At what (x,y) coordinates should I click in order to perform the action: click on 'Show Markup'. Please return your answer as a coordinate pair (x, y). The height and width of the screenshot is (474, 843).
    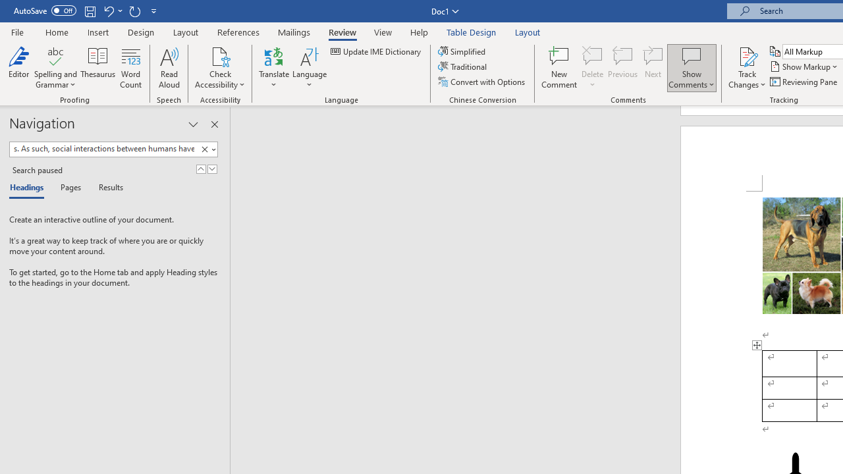
    Looking at the image, I should click on (804, 66).